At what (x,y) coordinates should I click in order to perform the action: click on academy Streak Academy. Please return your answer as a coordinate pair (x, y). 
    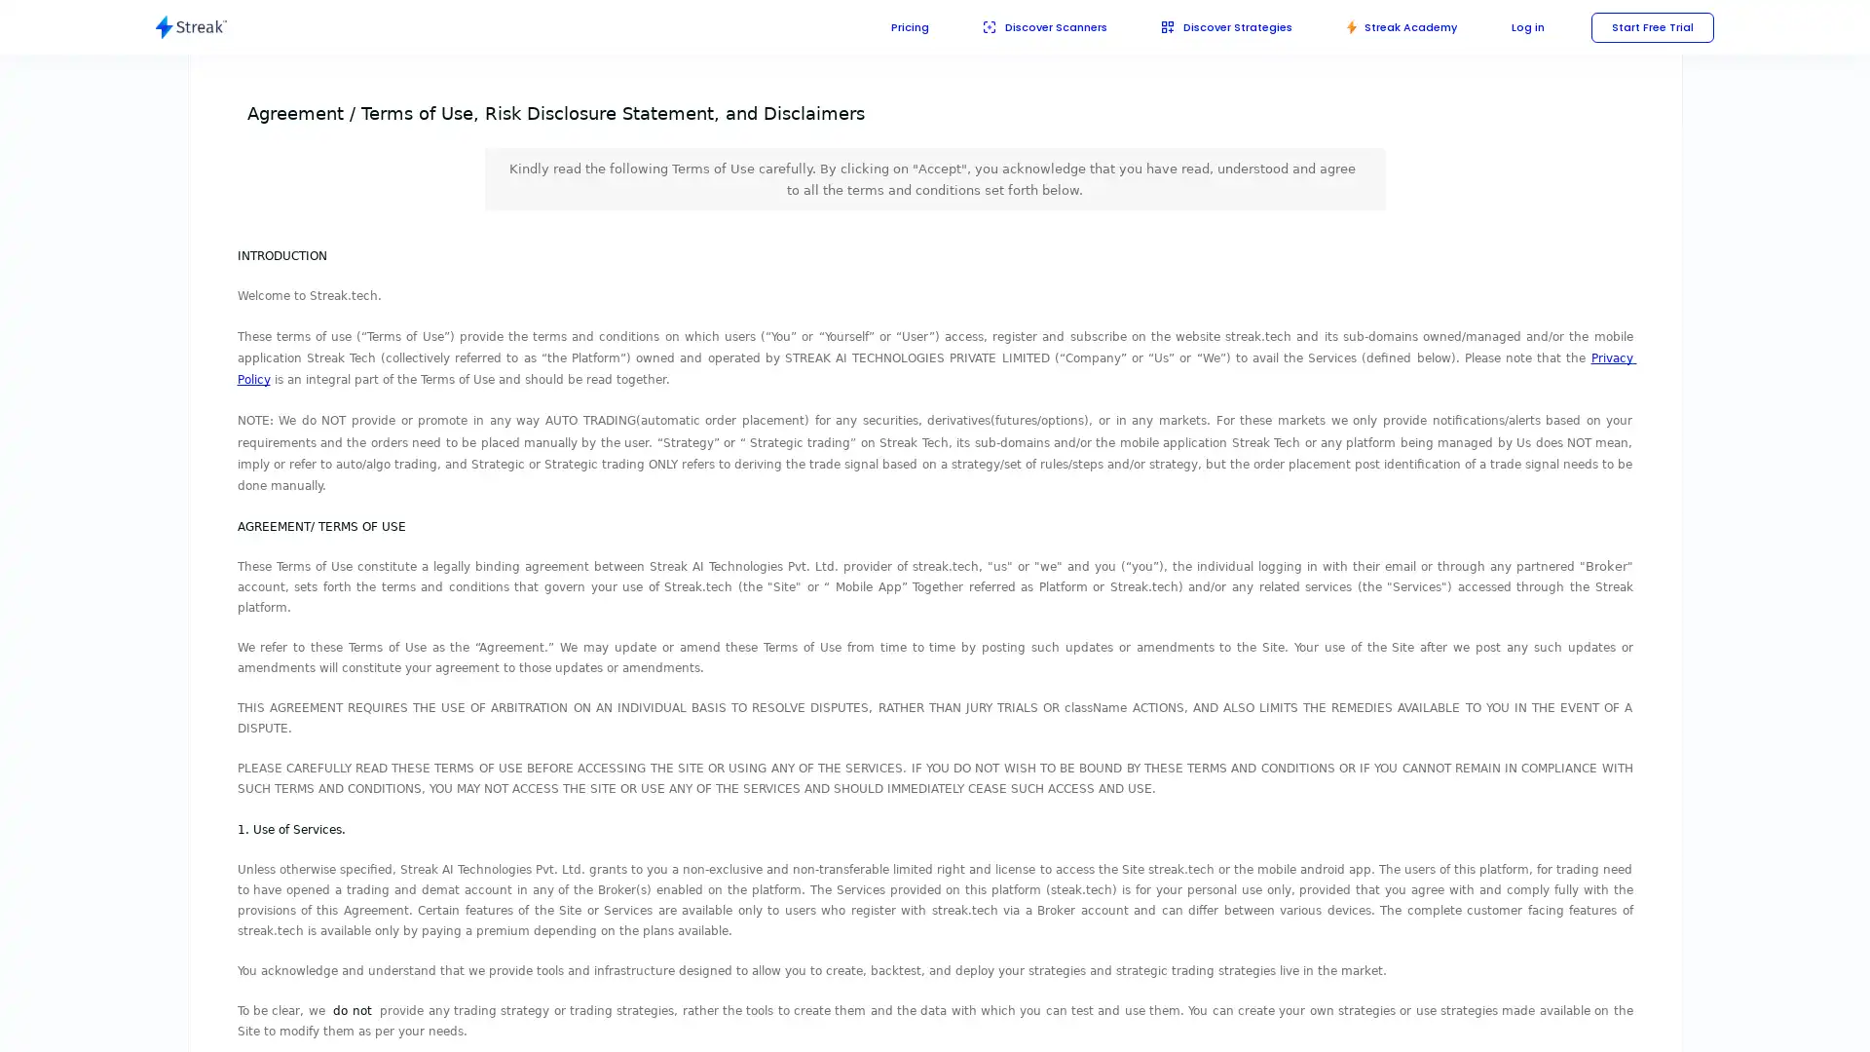
    Looking at the image, I should click on (1392, 26).